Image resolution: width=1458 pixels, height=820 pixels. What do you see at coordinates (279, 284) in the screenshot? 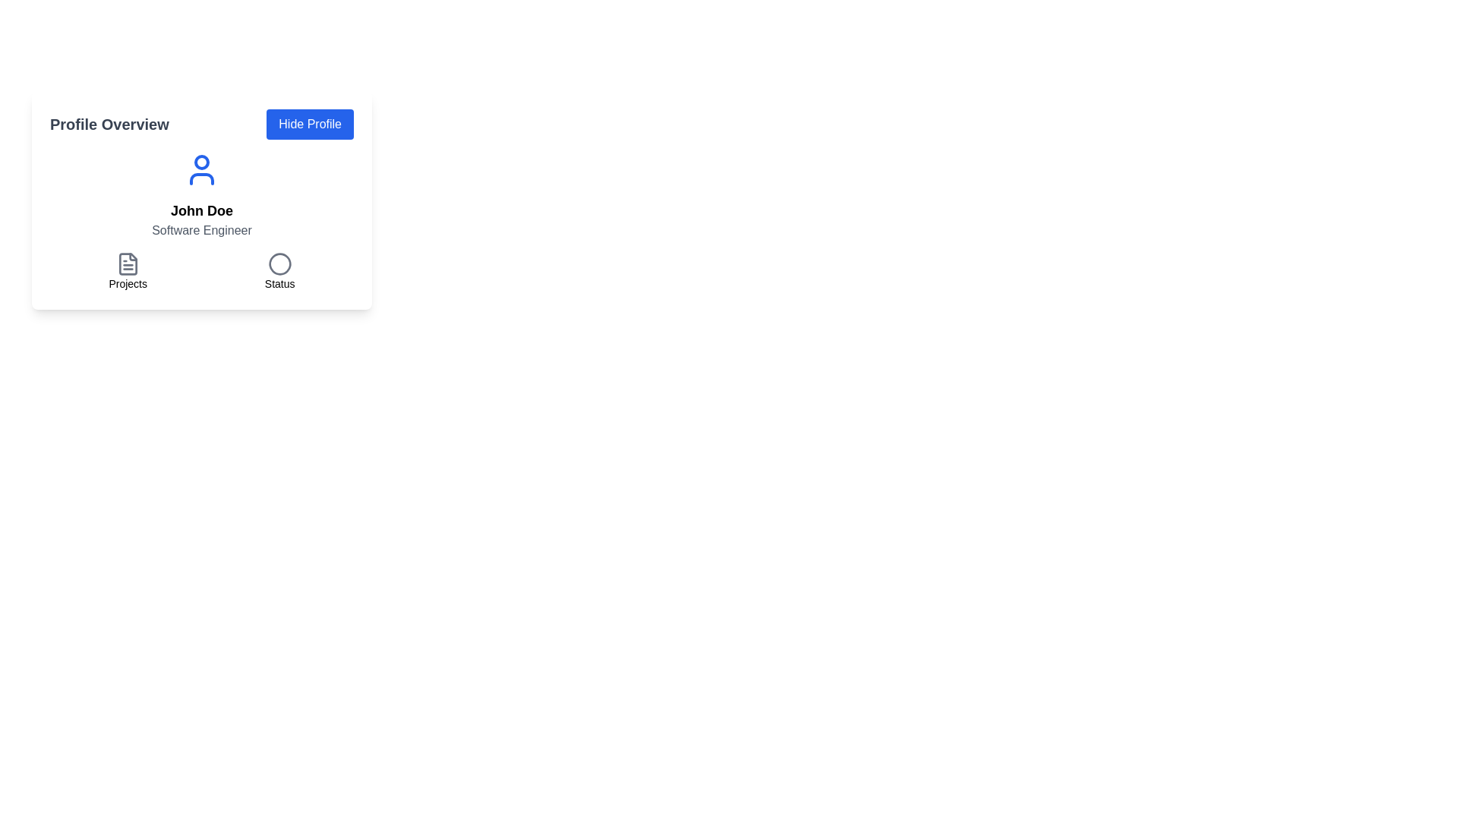
I see `the 'Status' text label, which is positioned beneath a circular icon in the lower-right section of a user interface card` at bounding box center [279, 284].